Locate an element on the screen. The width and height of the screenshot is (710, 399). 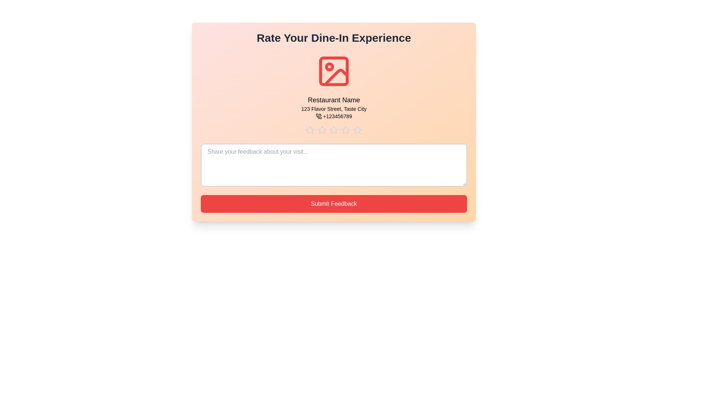
the star corresponding to 5 stars to preview the rating is located at coordinates (357, 130).